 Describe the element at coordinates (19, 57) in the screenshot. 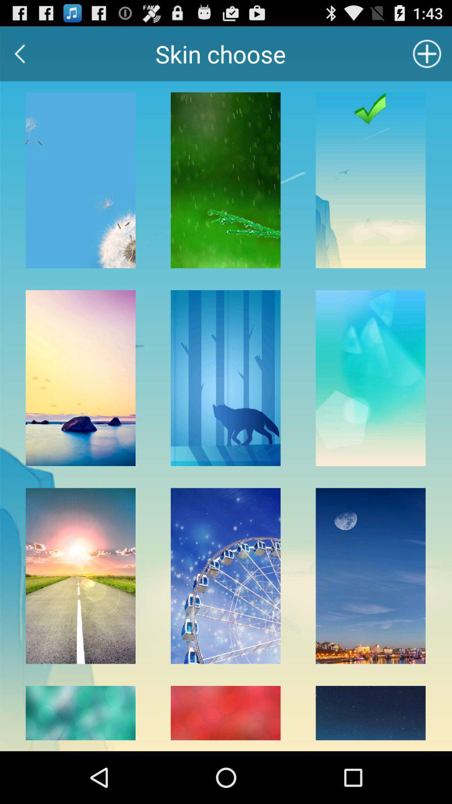

I see `the arrow_backward icon` at that location.